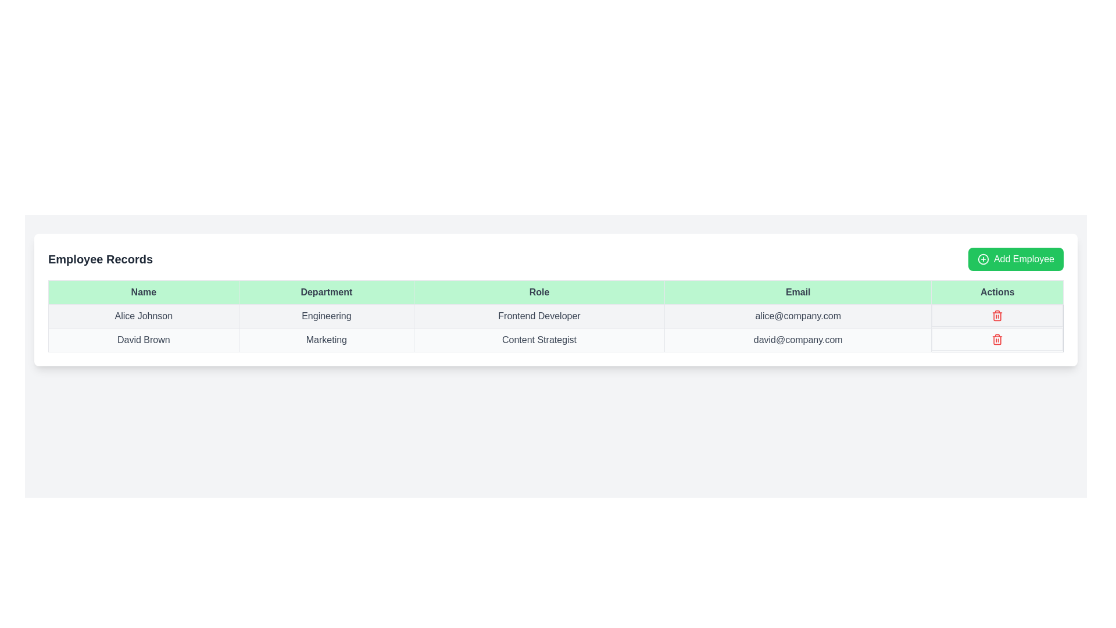 The width and height of the screenshot is (1116, 628). I want to click on the first employee row in the table displaying 'Name', 'Department', 'Role', 'Email', and 'Actions', so click(555, 316).